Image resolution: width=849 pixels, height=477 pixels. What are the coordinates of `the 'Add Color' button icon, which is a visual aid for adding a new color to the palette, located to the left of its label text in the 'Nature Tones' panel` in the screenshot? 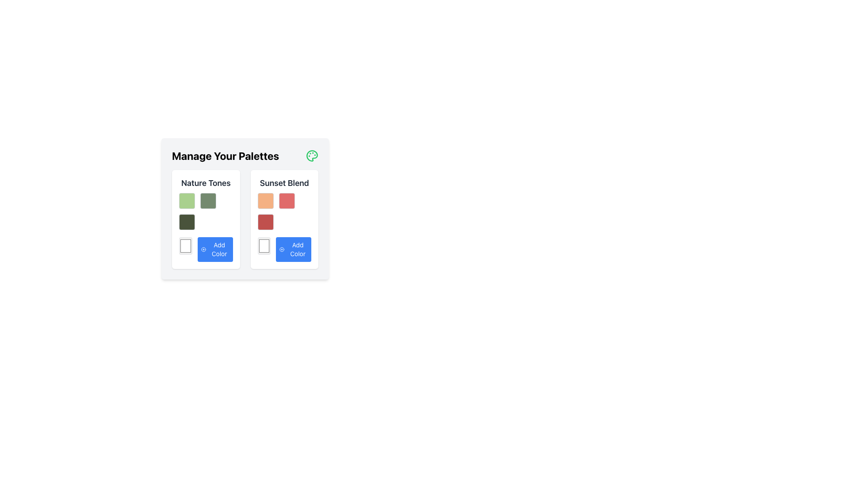 It's located at (203, 249).